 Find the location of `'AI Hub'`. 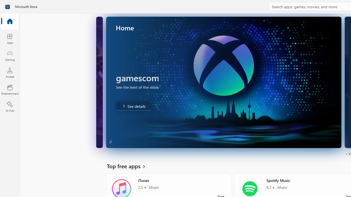

'AI Hub' is located at coordinates (10, 107).